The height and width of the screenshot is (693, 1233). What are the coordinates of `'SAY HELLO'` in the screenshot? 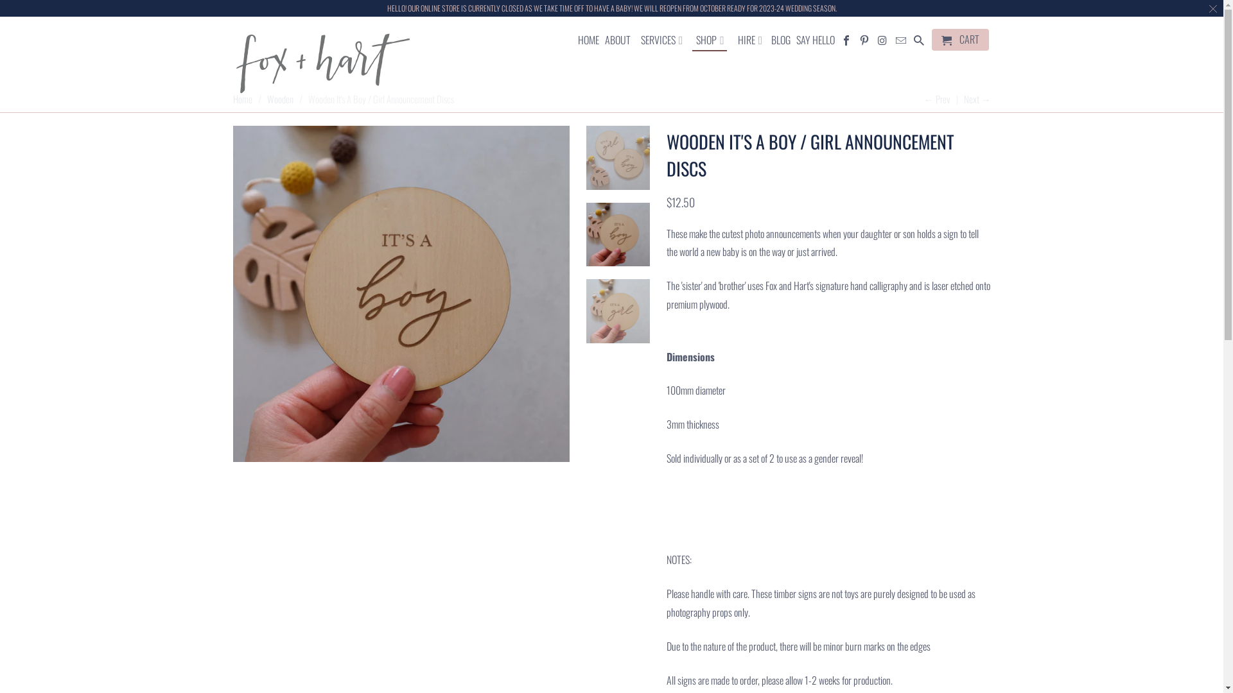 It's located at (815, 41).